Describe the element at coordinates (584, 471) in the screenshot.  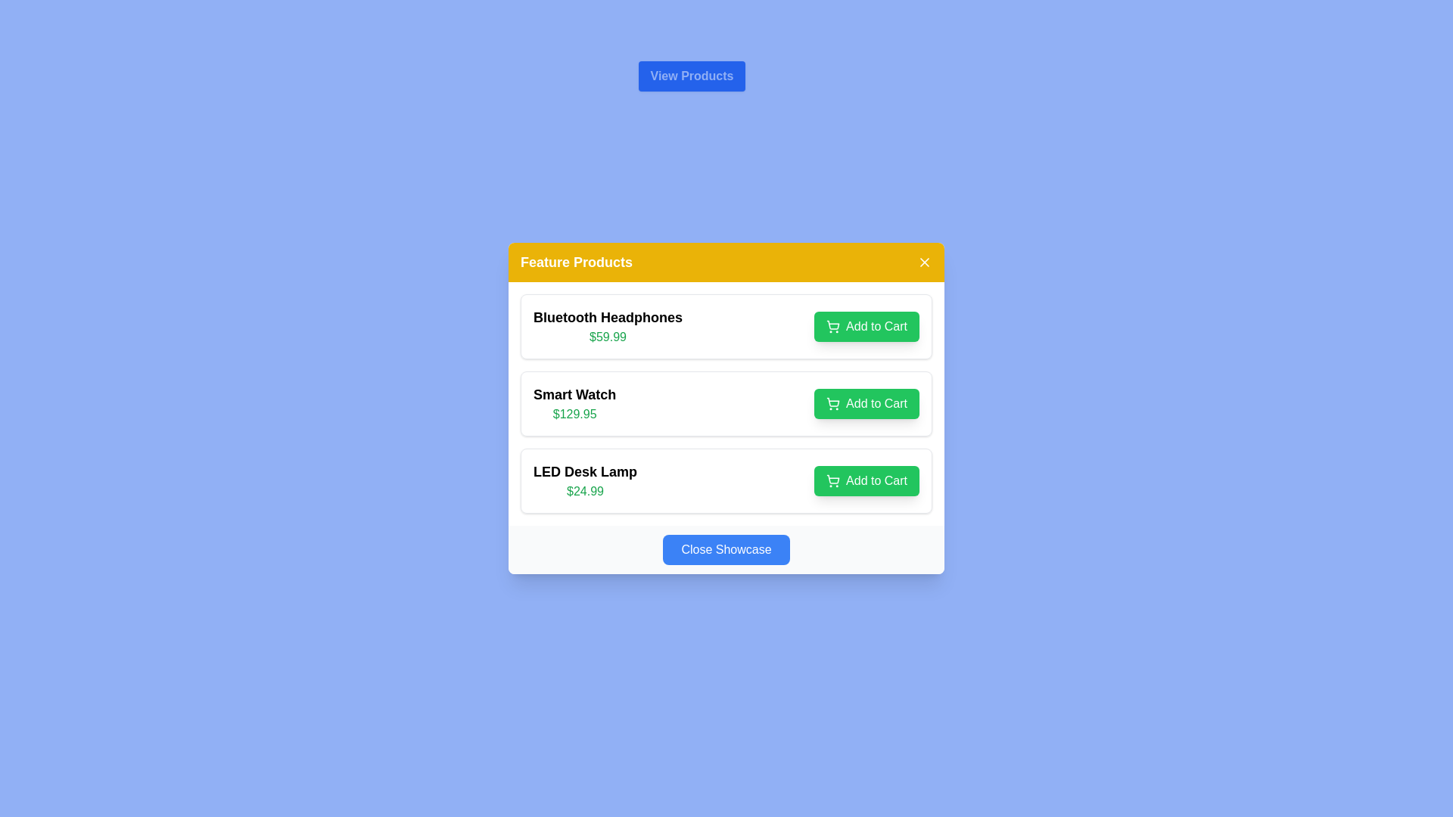
I see `the text label identifying the product as 'LED Desk Lamp' located in the third product card within a vertical list, positioned above the price information and next to the 'Add to Cart' button` at that location.